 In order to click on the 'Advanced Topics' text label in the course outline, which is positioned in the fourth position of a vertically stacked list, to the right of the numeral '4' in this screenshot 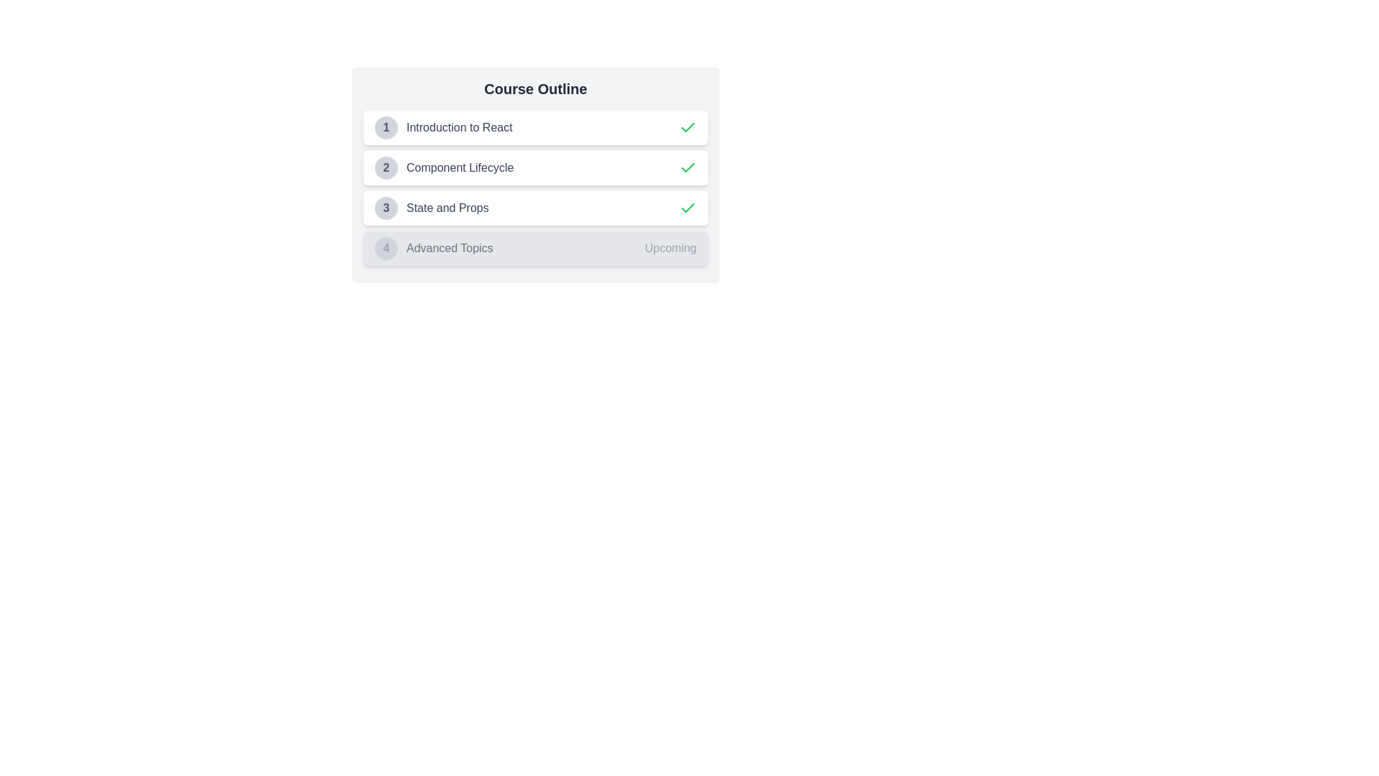, I will do `click(449, 248)`.